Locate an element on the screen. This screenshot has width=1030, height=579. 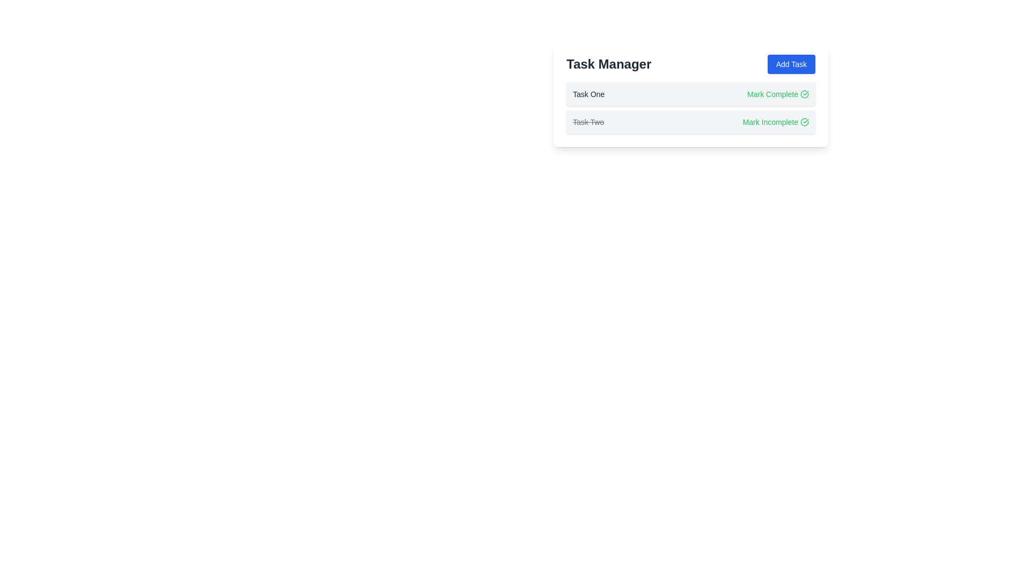
the button on the first task card in the Task Manager to mark the task as complete is located at coordinates (690, 94).